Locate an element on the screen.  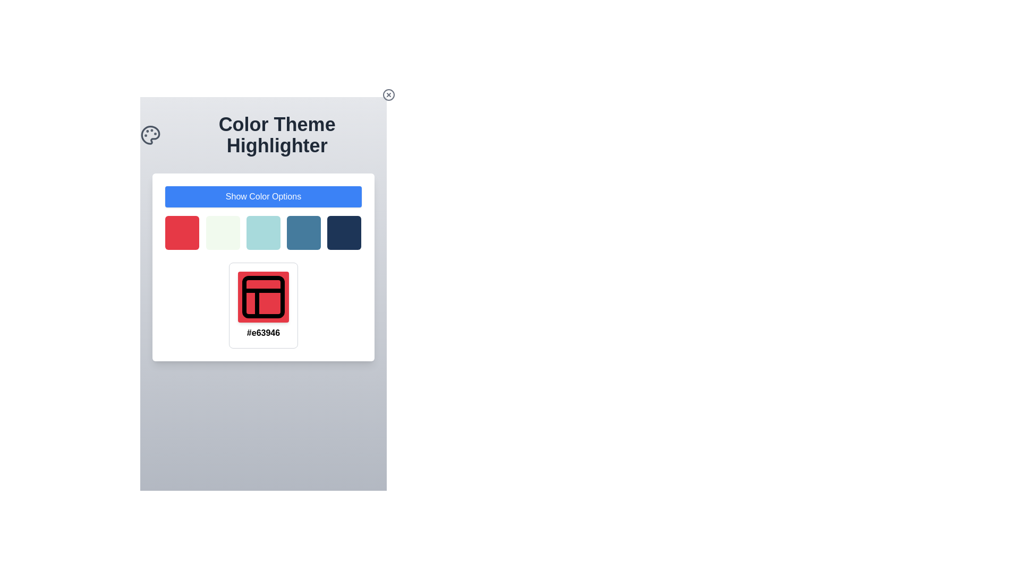
the third selectable grid item in the horizontal row below the 'Color Theme Highlighter' title and 'Show Color Options' button is located at coordinates (263, 232).